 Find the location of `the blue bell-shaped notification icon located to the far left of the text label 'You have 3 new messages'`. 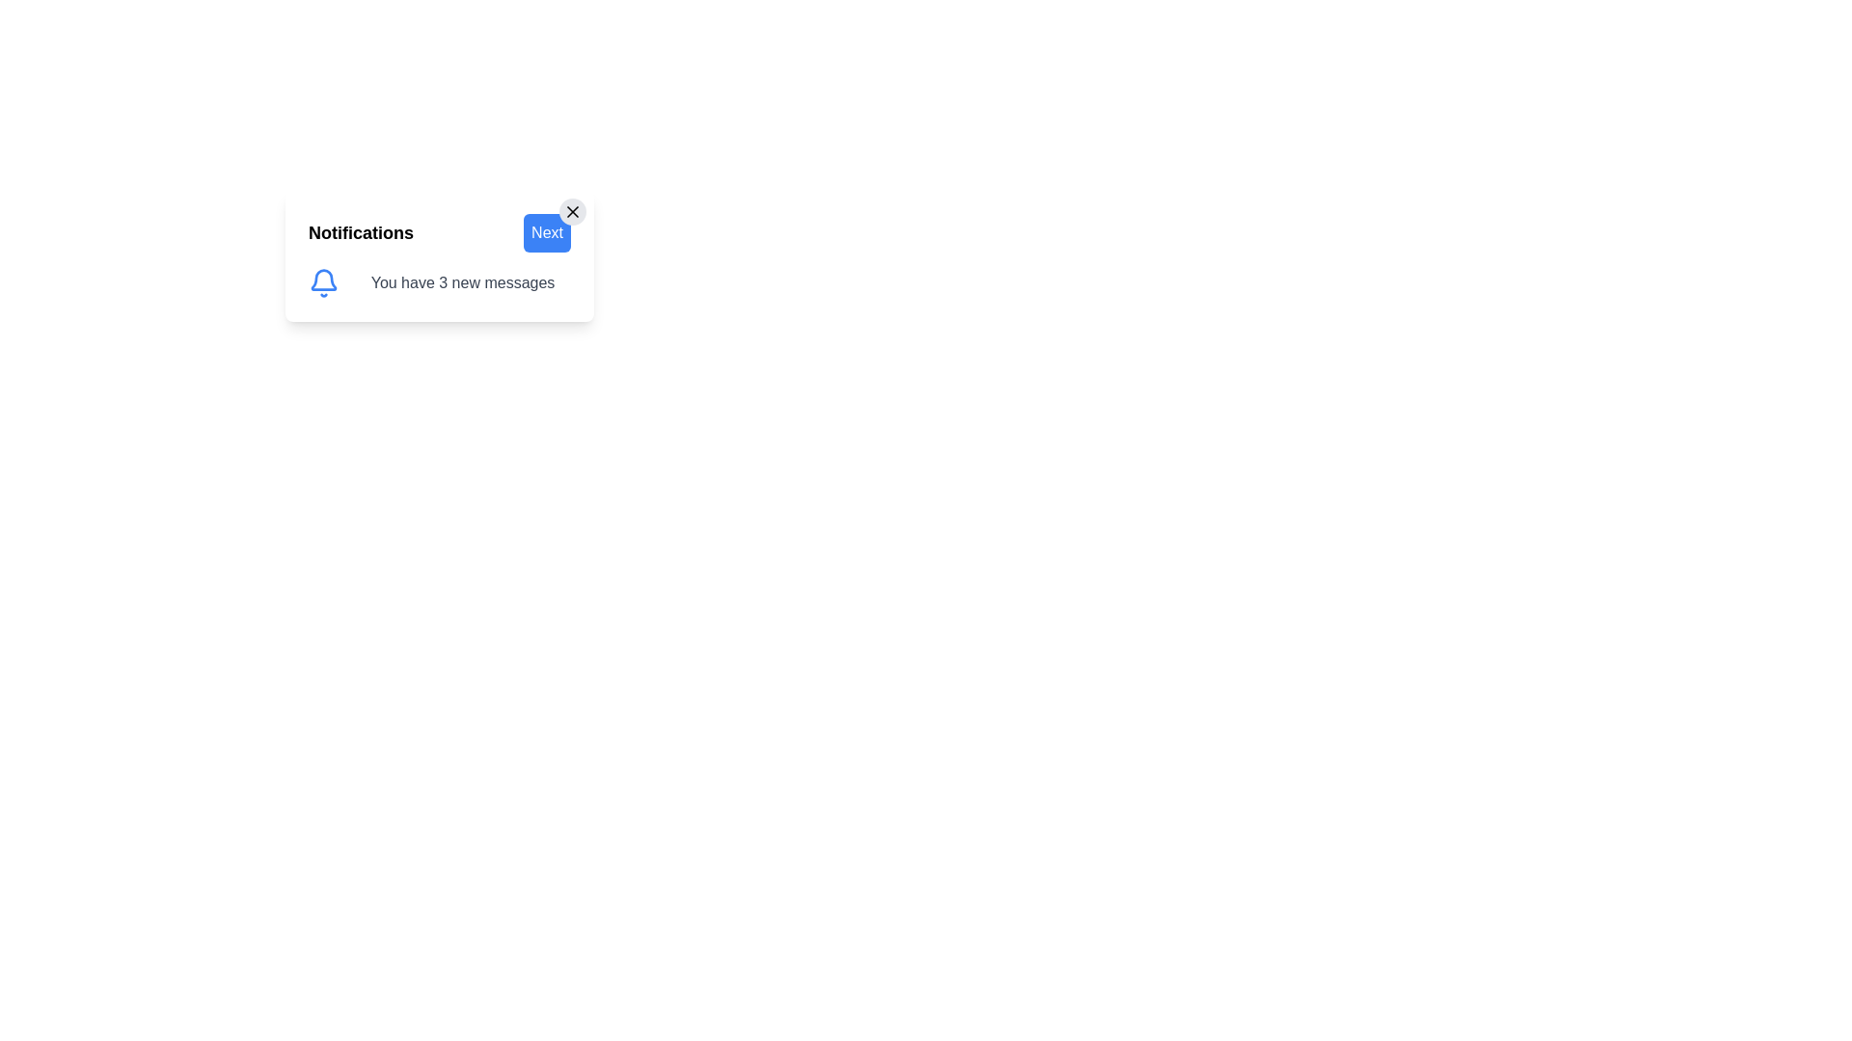

the blue bell-shaped notification icon located to the far left of the text label 'You have 3 new messages' is located at coordinates (324, 282).